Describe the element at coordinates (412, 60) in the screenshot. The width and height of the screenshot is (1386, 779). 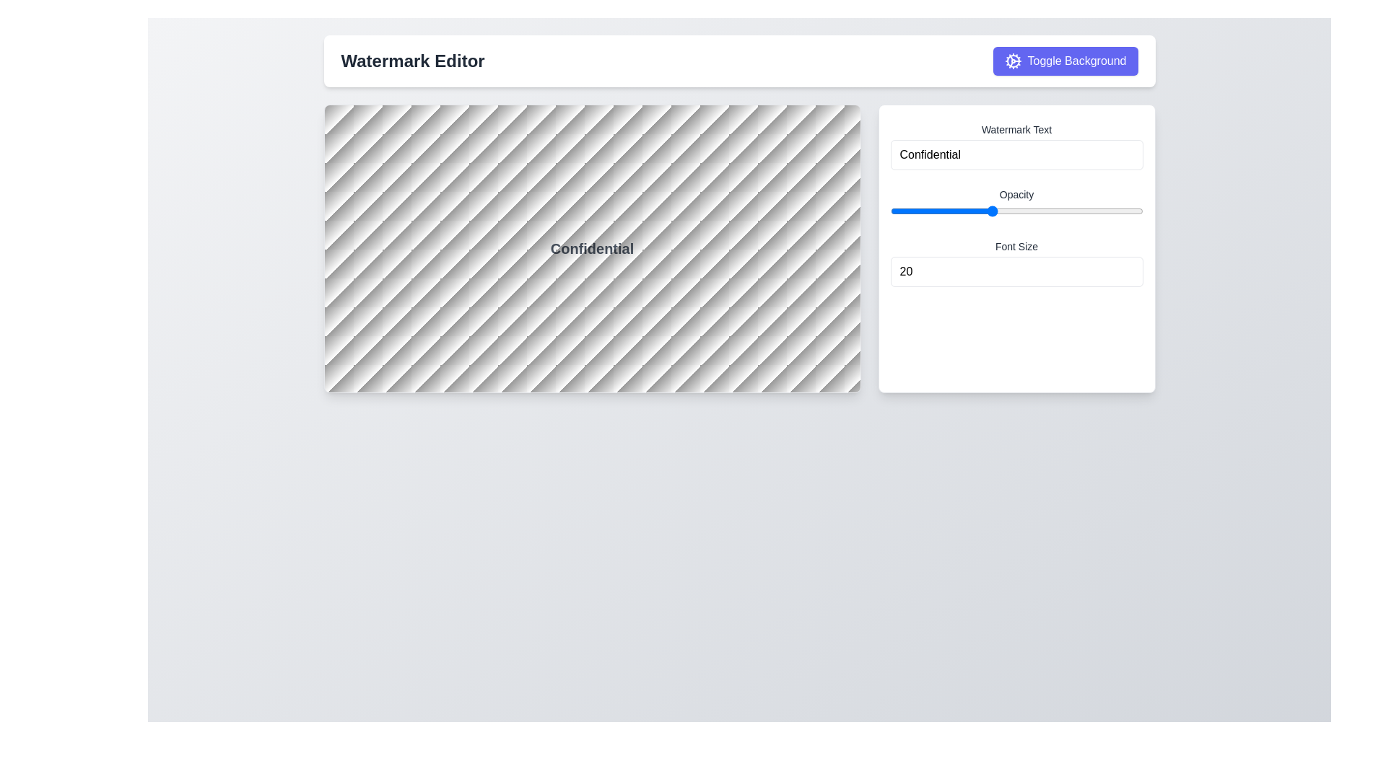
I see `the static header or title element located at the top center of the interface, which indicates the primary function or purpose of the section below it` at that location.